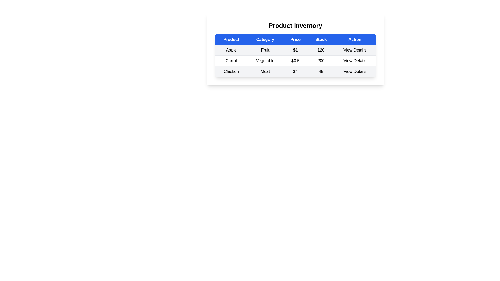 Image resolution: width=500 pixels, height=281 pixels. I want to click on the column header Action to inspect it, so click(354, 39).